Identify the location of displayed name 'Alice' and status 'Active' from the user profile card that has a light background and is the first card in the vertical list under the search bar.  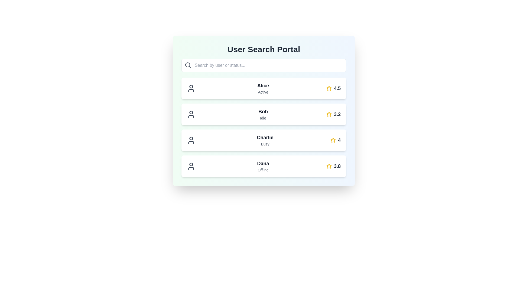
(264, 88).